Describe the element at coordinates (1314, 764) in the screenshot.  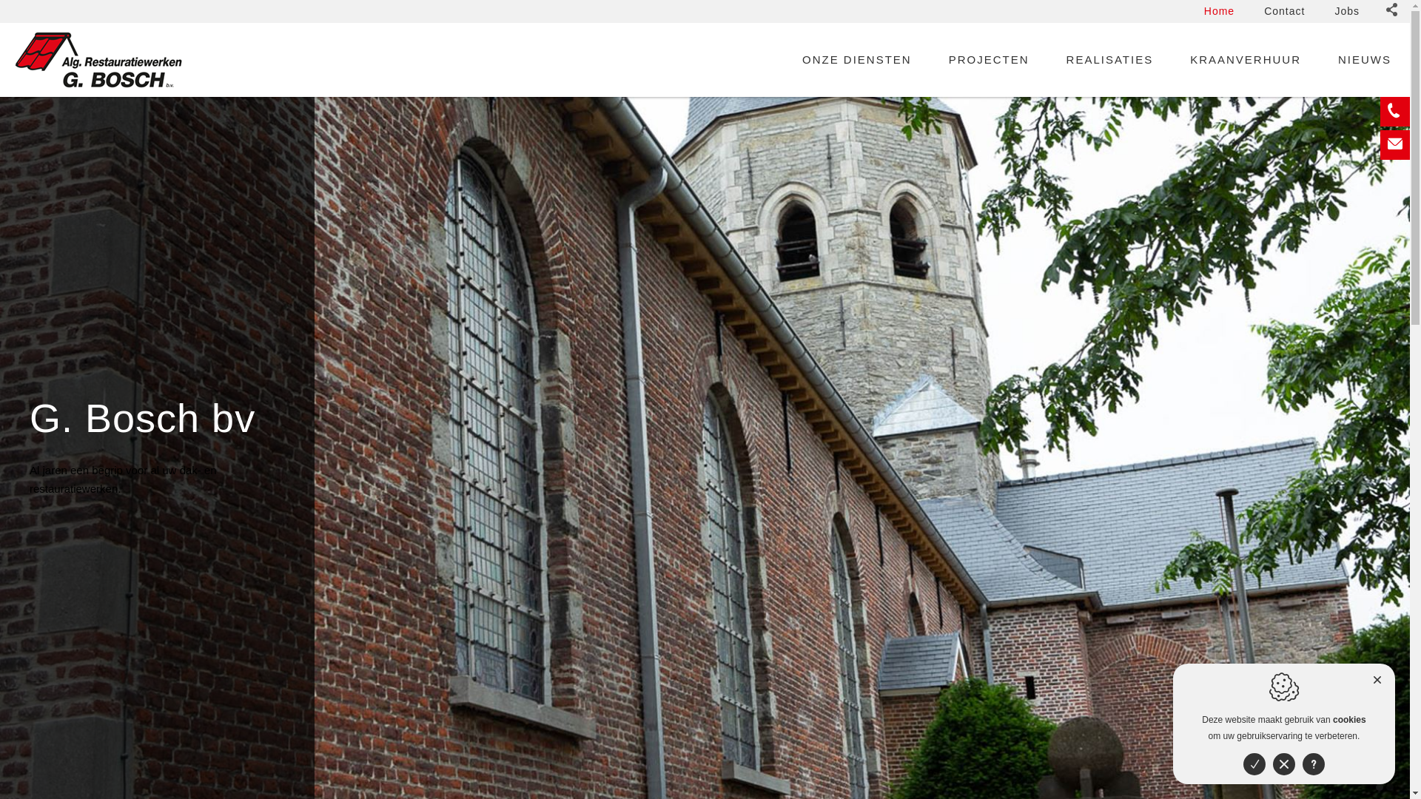
I see `'Meer informatie'` at that location.